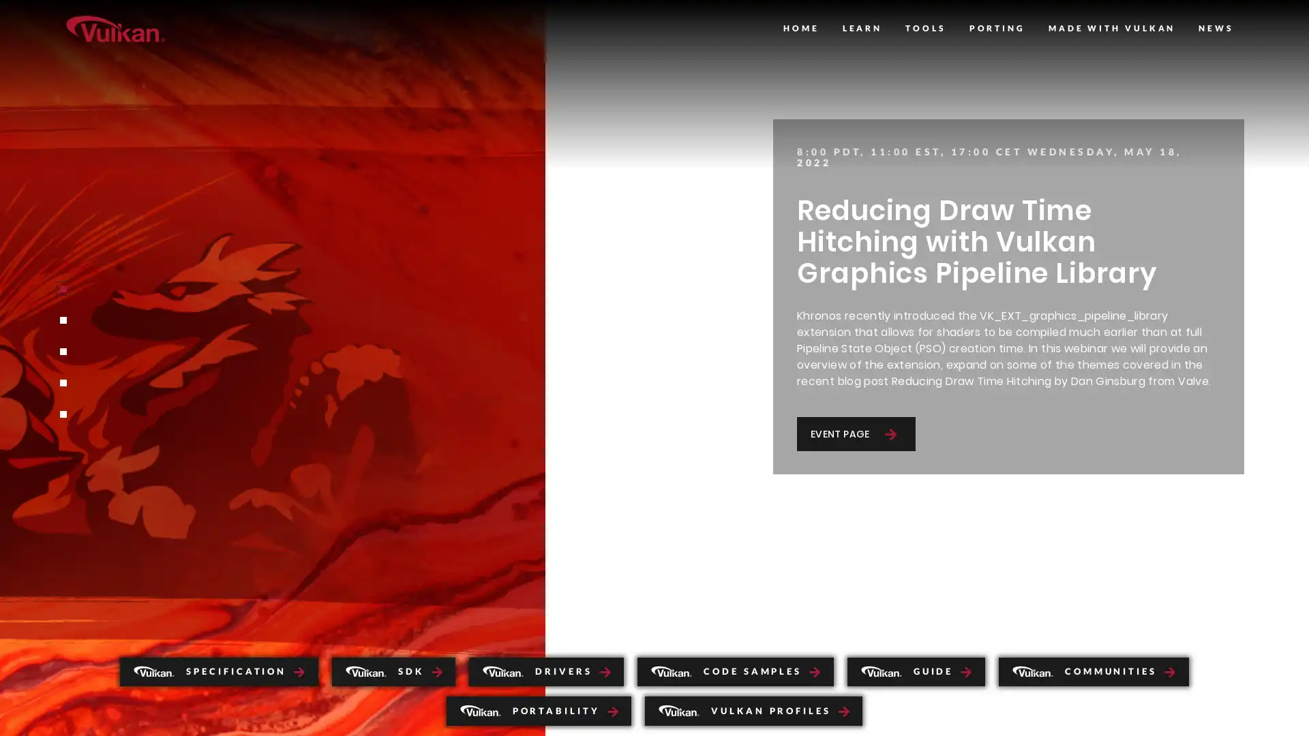 The width and height of the screenshot is (1309, 736). I want to click on 4, so click(61, 383).